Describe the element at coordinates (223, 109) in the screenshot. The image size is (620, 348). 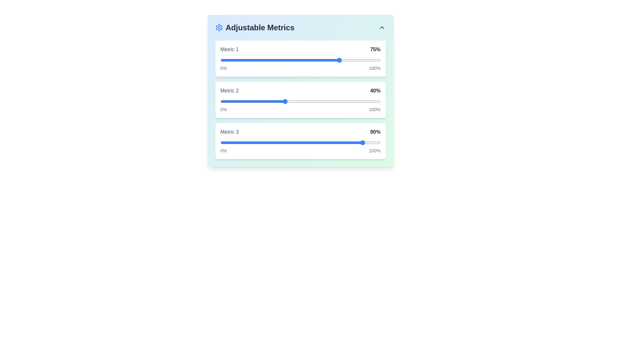
I see `text value displayed in the gray-colored font as '0%' from the text label located in the lower-left corner of the Metric 2 section` at that location.